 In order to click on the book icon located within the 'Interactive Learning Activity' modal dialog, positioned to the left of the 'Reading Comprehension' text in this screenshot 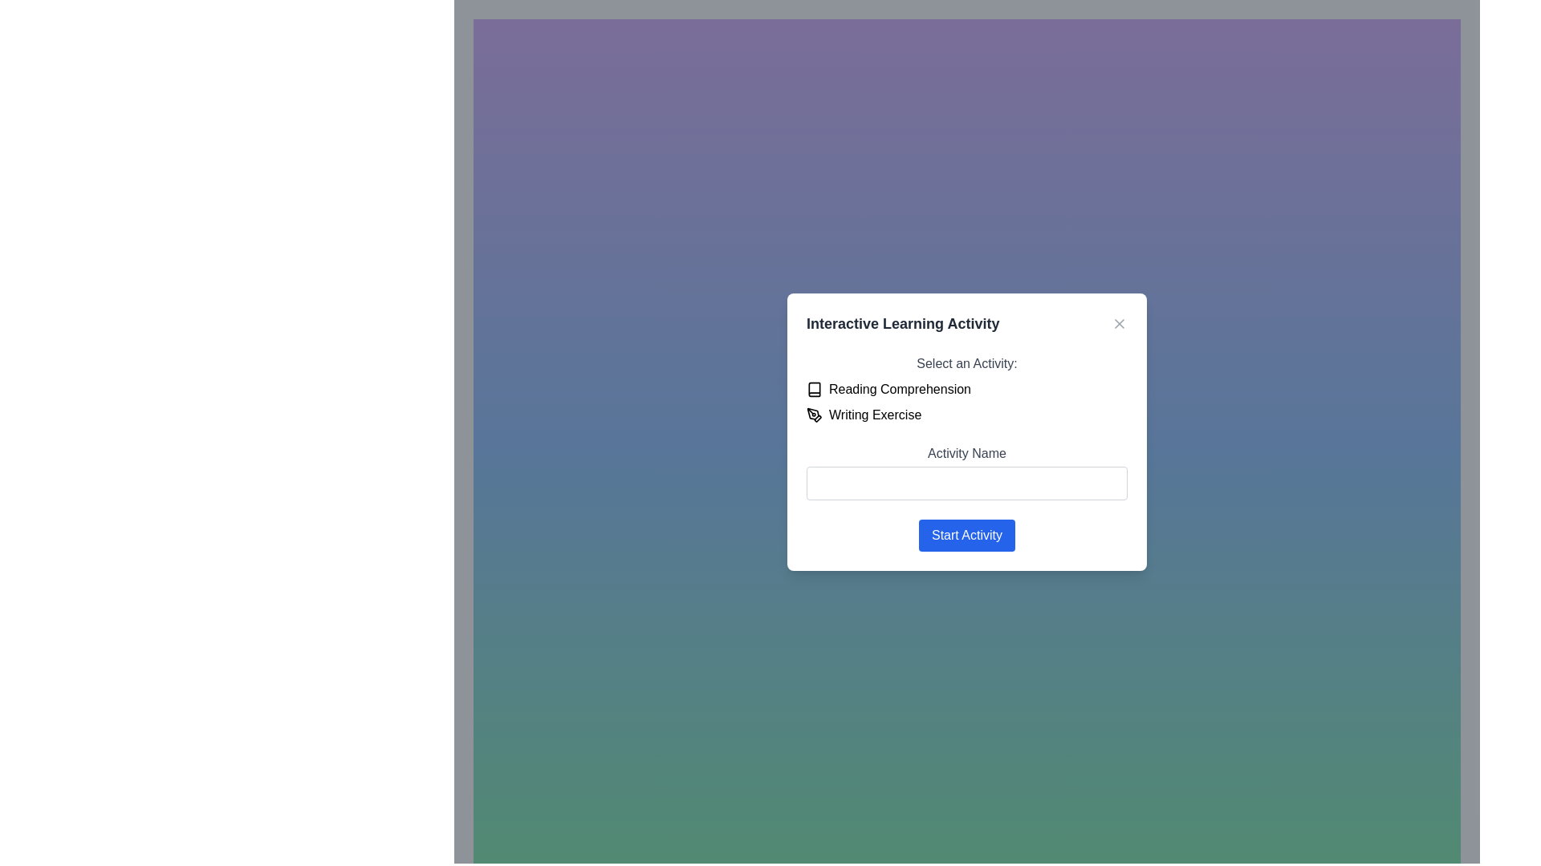, I will do `click(814, 389)`.